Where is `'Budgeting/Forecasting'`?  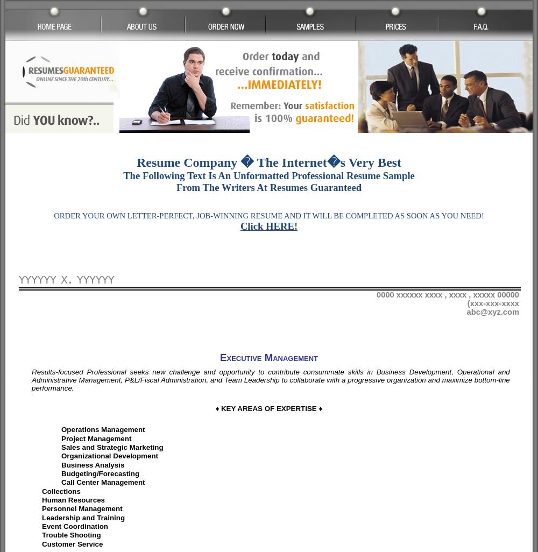 'Budgeting/Forecasting' is located at coordinates (61, 472).